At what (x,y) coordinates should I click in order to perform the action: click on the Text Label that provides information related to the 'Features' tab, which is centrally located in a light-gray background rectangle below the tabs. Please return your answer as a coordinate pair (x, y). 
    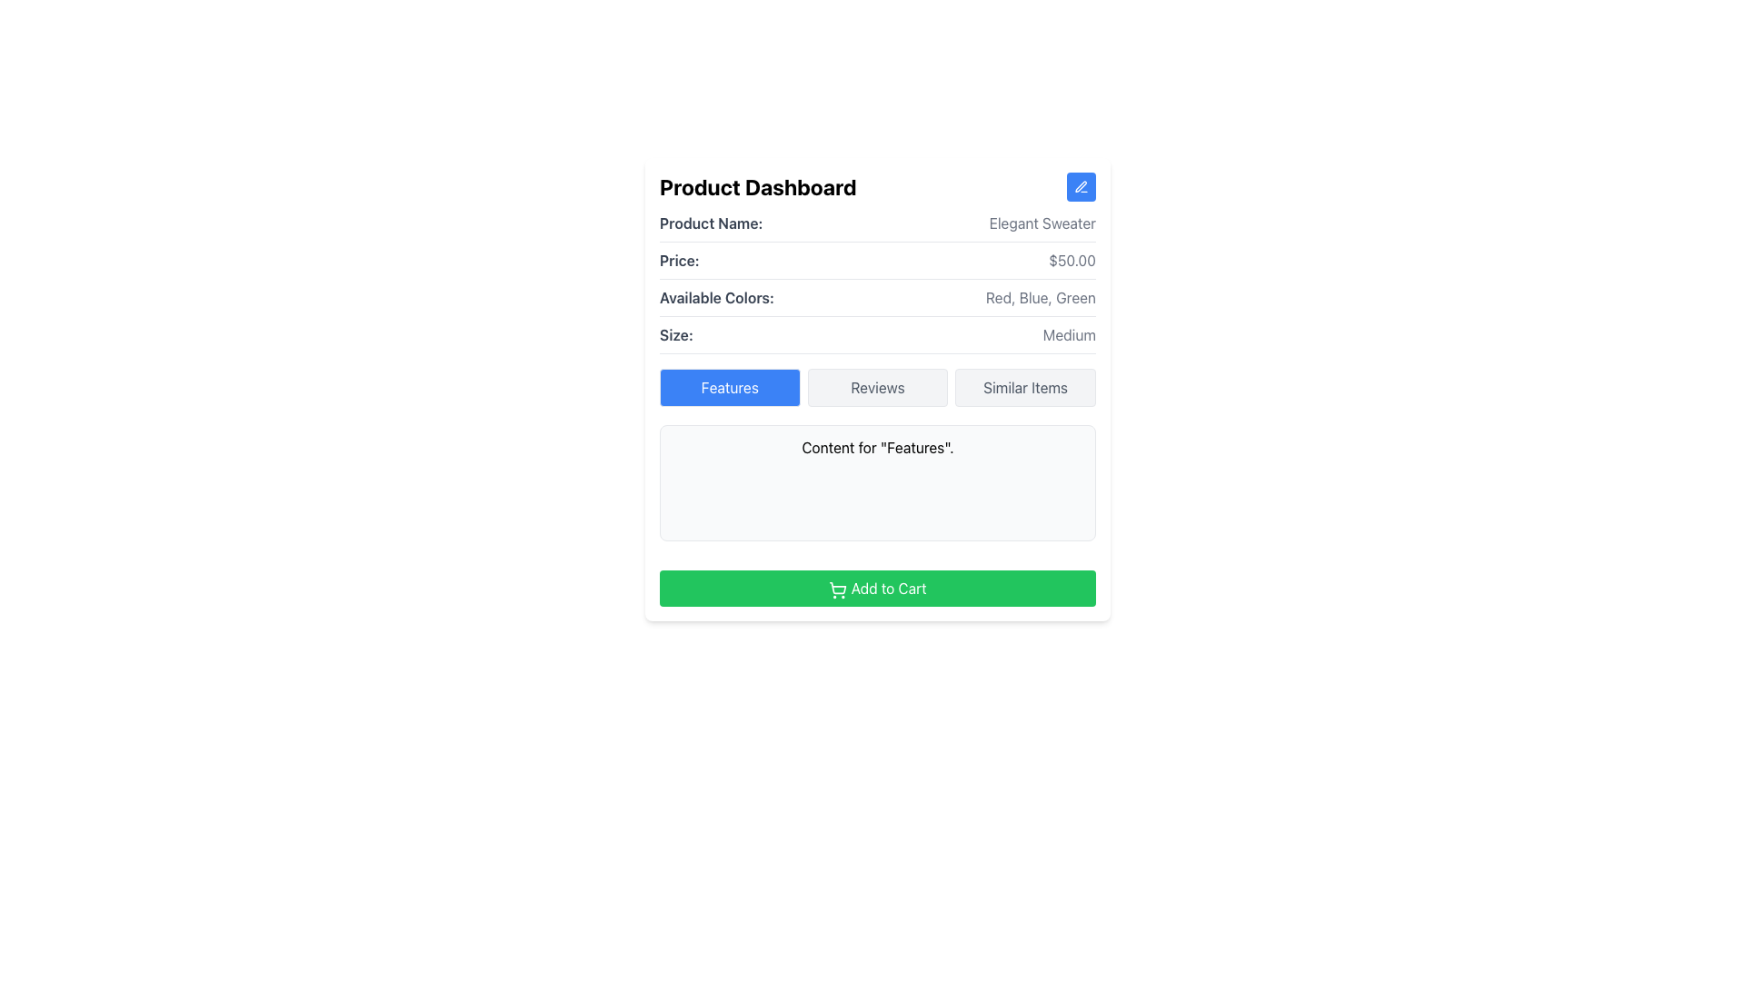
    Looking at the image, I should click on (877, 448).